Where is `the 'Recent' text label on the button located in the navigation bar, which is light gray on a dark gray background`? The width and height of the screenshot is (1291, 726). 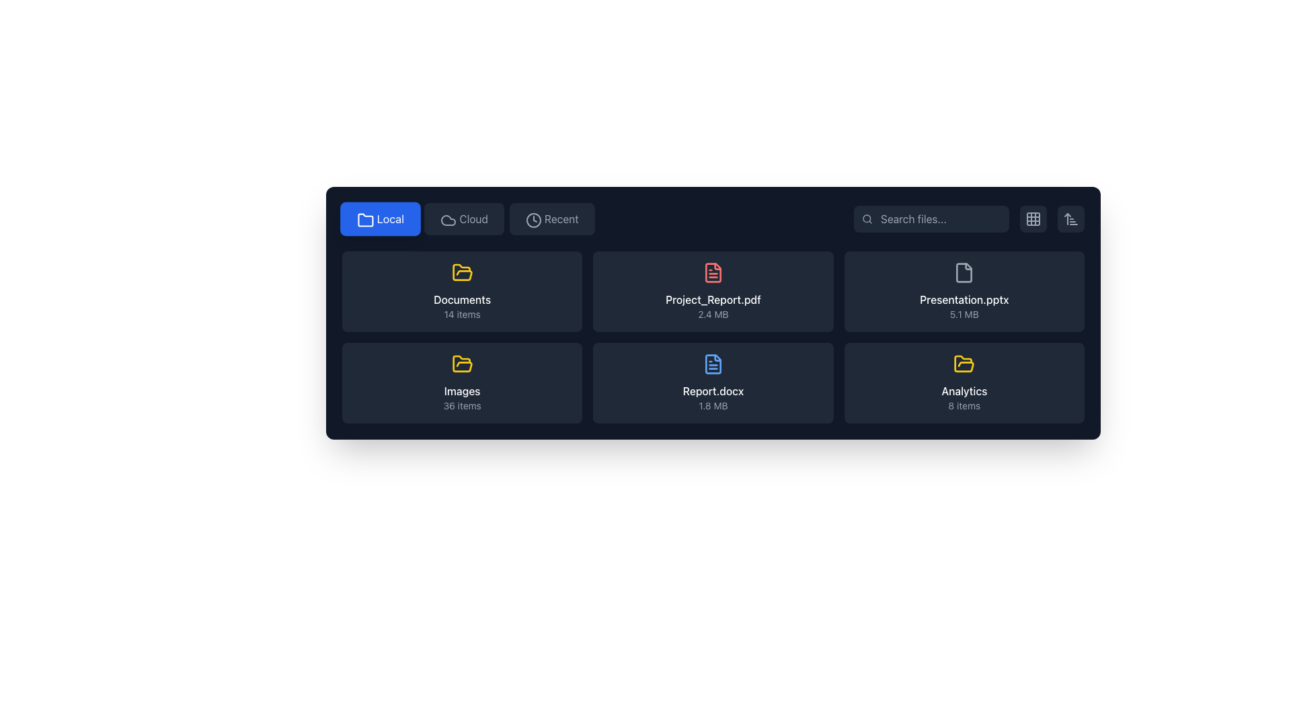
the 'Recent' text label on the button located in the navigation bar, which is light gray on a dark gray background is located at coordinates (561, 218).